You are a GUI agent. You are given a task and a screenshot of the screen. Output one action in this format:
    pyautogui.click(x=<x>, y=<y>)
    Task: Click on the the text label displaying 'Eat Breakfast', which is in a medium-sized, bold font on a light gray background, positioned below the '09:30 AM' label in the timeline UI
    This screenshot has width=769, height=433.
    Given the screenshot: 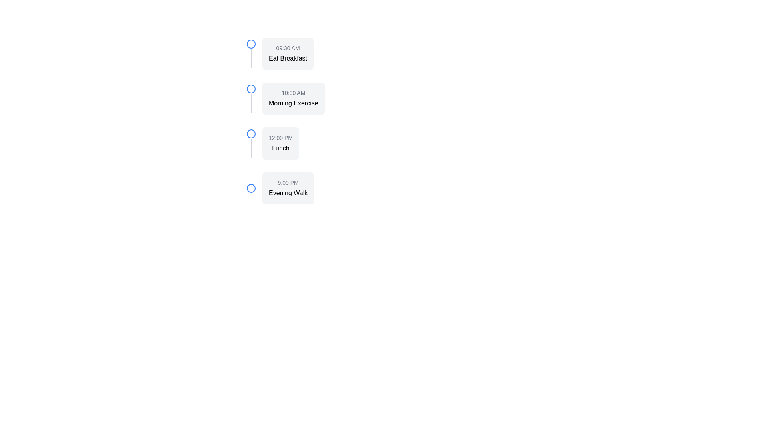 What is the action you would take?
    pyautogui.click(x=288, y=58)
    